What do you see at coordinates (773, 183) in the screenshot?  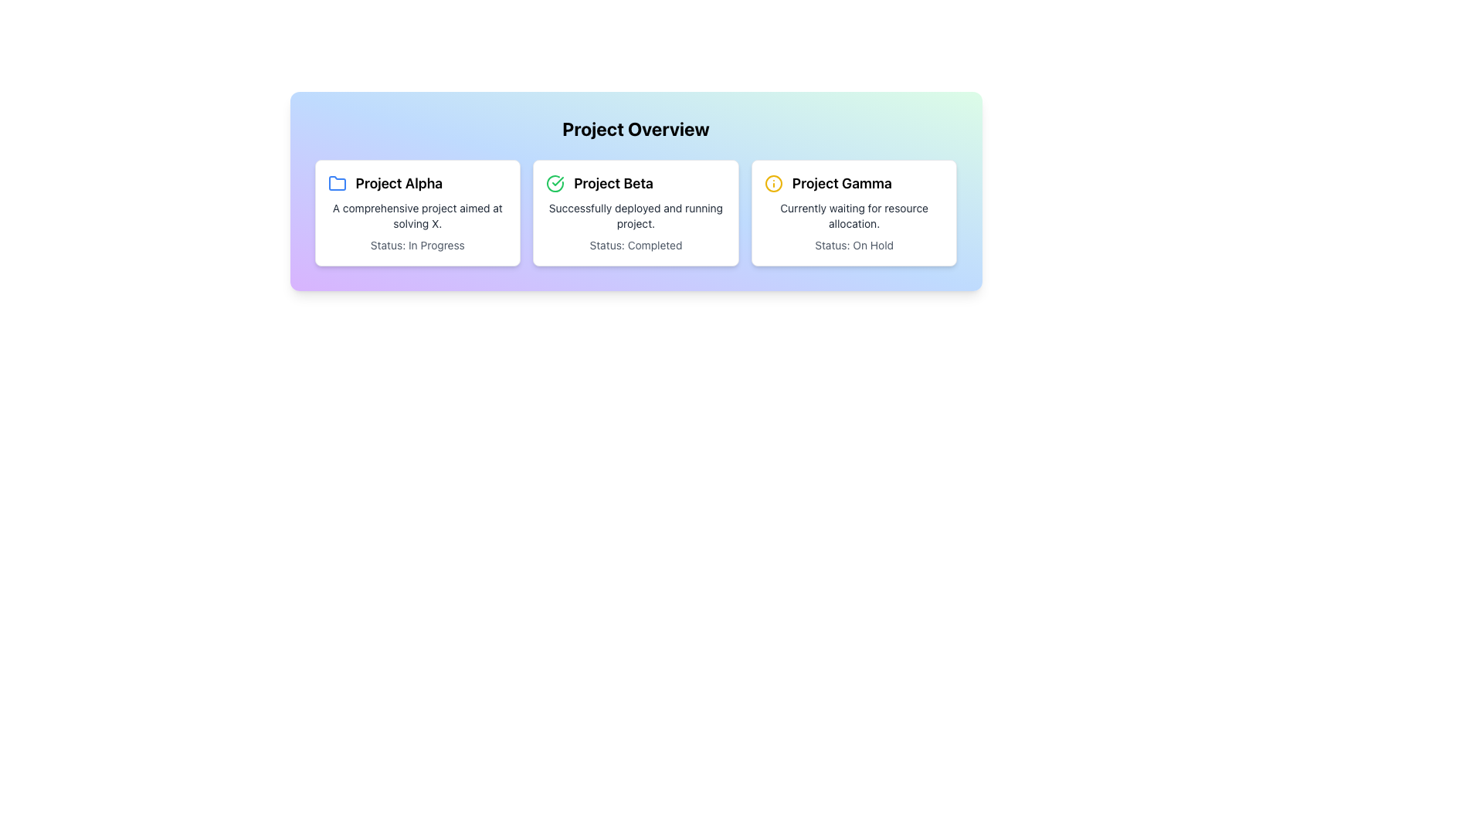 I see `the circular icon with a yellow stroke and dark inner area located to the left of the text 'Project Gamma' in the rightmost card of the horizontally aligned list` at bounding box center [773, 183].